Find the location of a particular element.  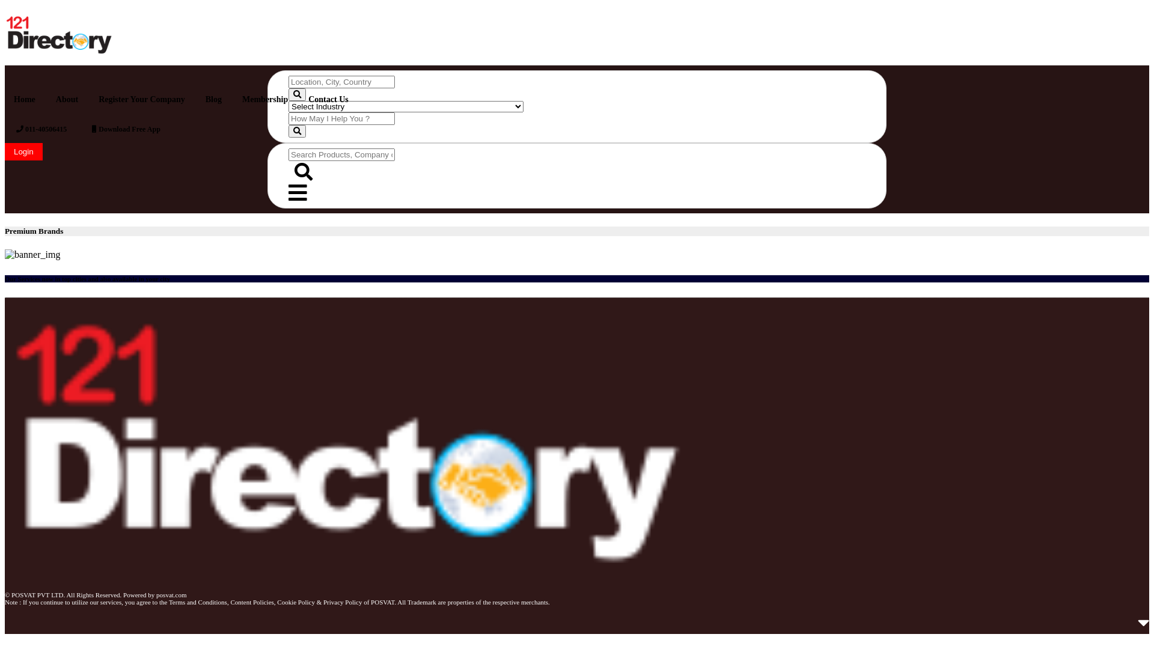

'Contact Us' is located at coordinates (328, 99).